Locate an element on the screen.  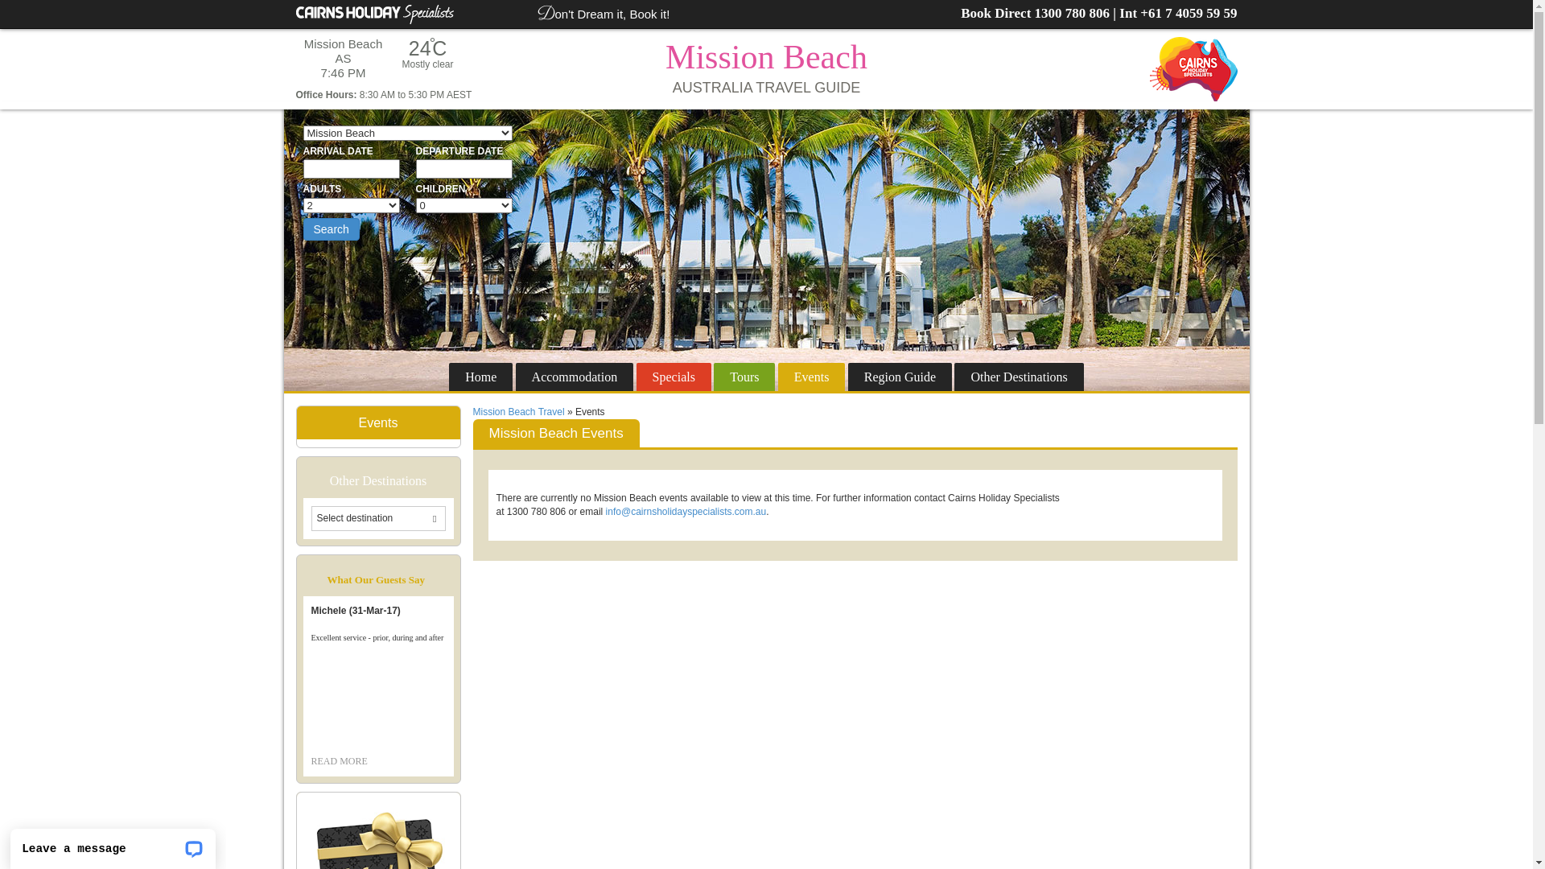
'Cairns Holiday Specialists' is located at coordinates (373, 14).